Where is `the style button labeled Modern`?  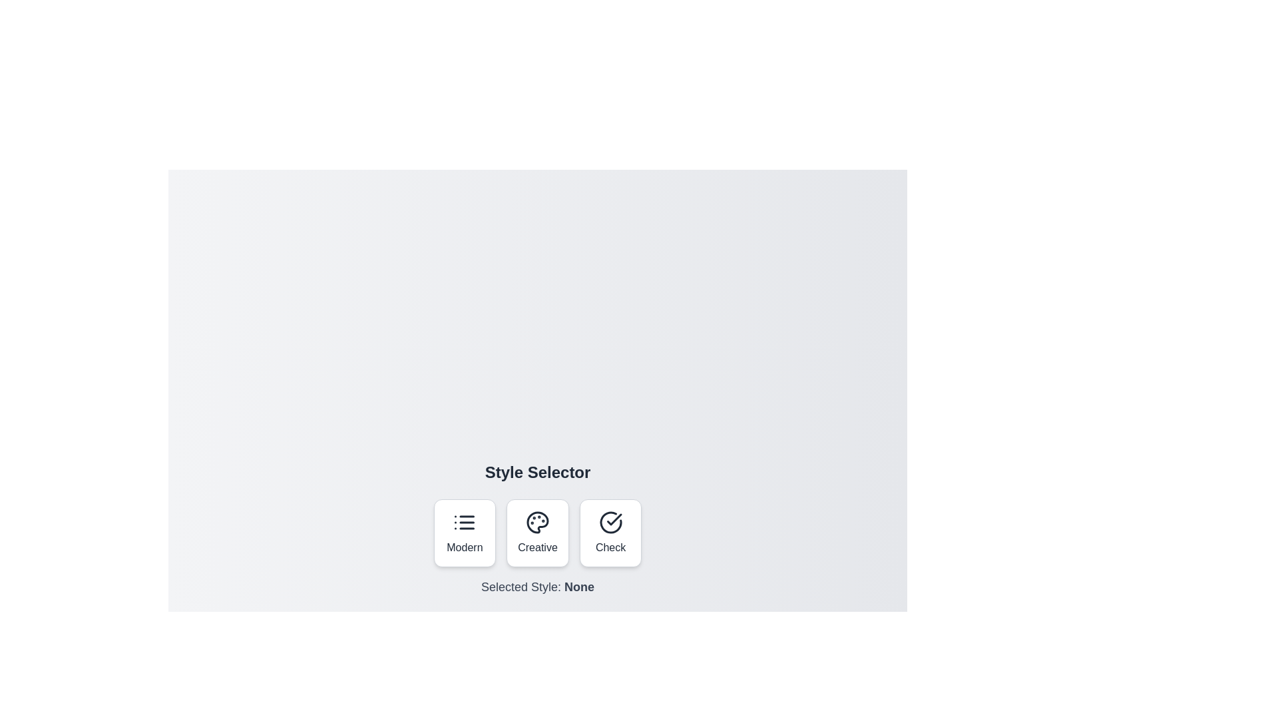 the style button labeled Modern is located at coordinates (464, 533).